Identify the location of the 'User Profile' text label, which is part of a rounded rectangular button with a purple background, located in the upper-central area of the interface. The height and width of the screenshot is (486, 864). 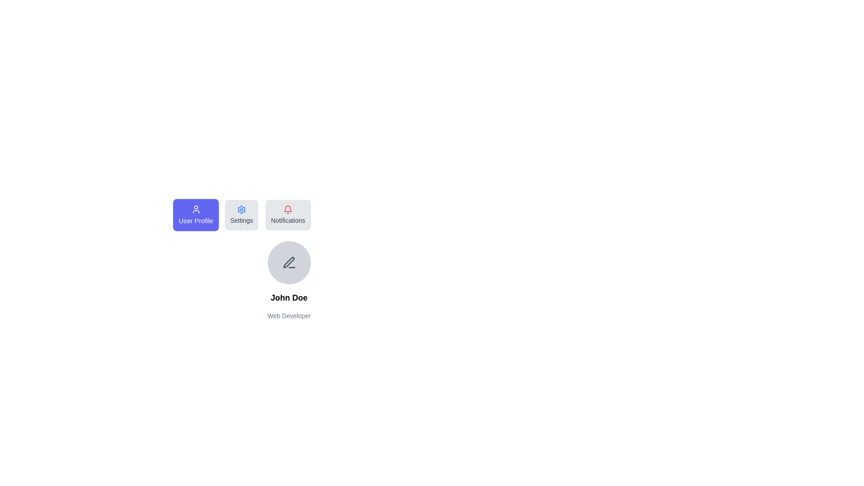
(195, 220).